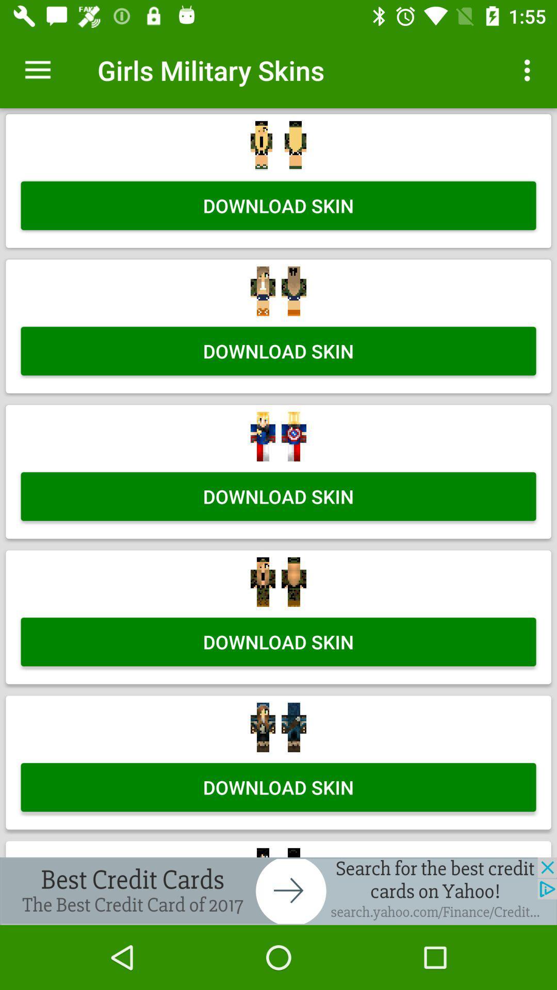 This screenshot has height=990, width=557. I want to click on open advertisement, so click(278, 890).